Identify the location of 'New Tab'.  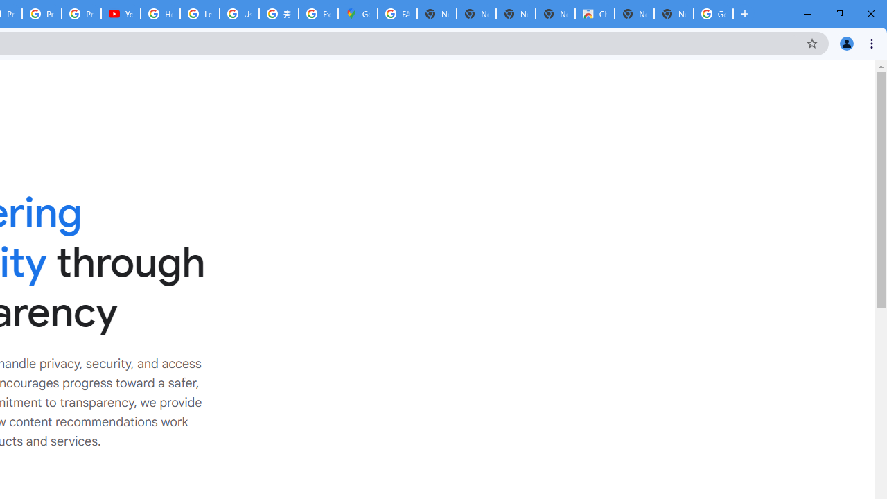
(674, 14).